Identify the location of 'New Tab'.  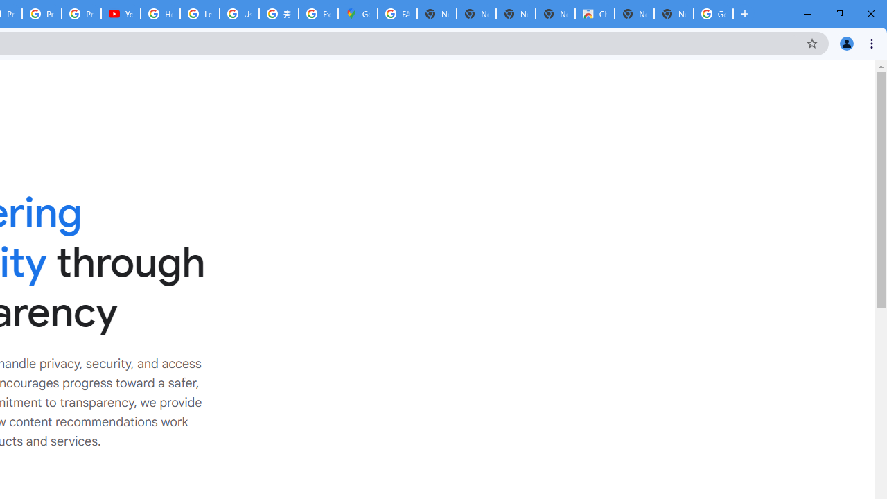
(674, 14).